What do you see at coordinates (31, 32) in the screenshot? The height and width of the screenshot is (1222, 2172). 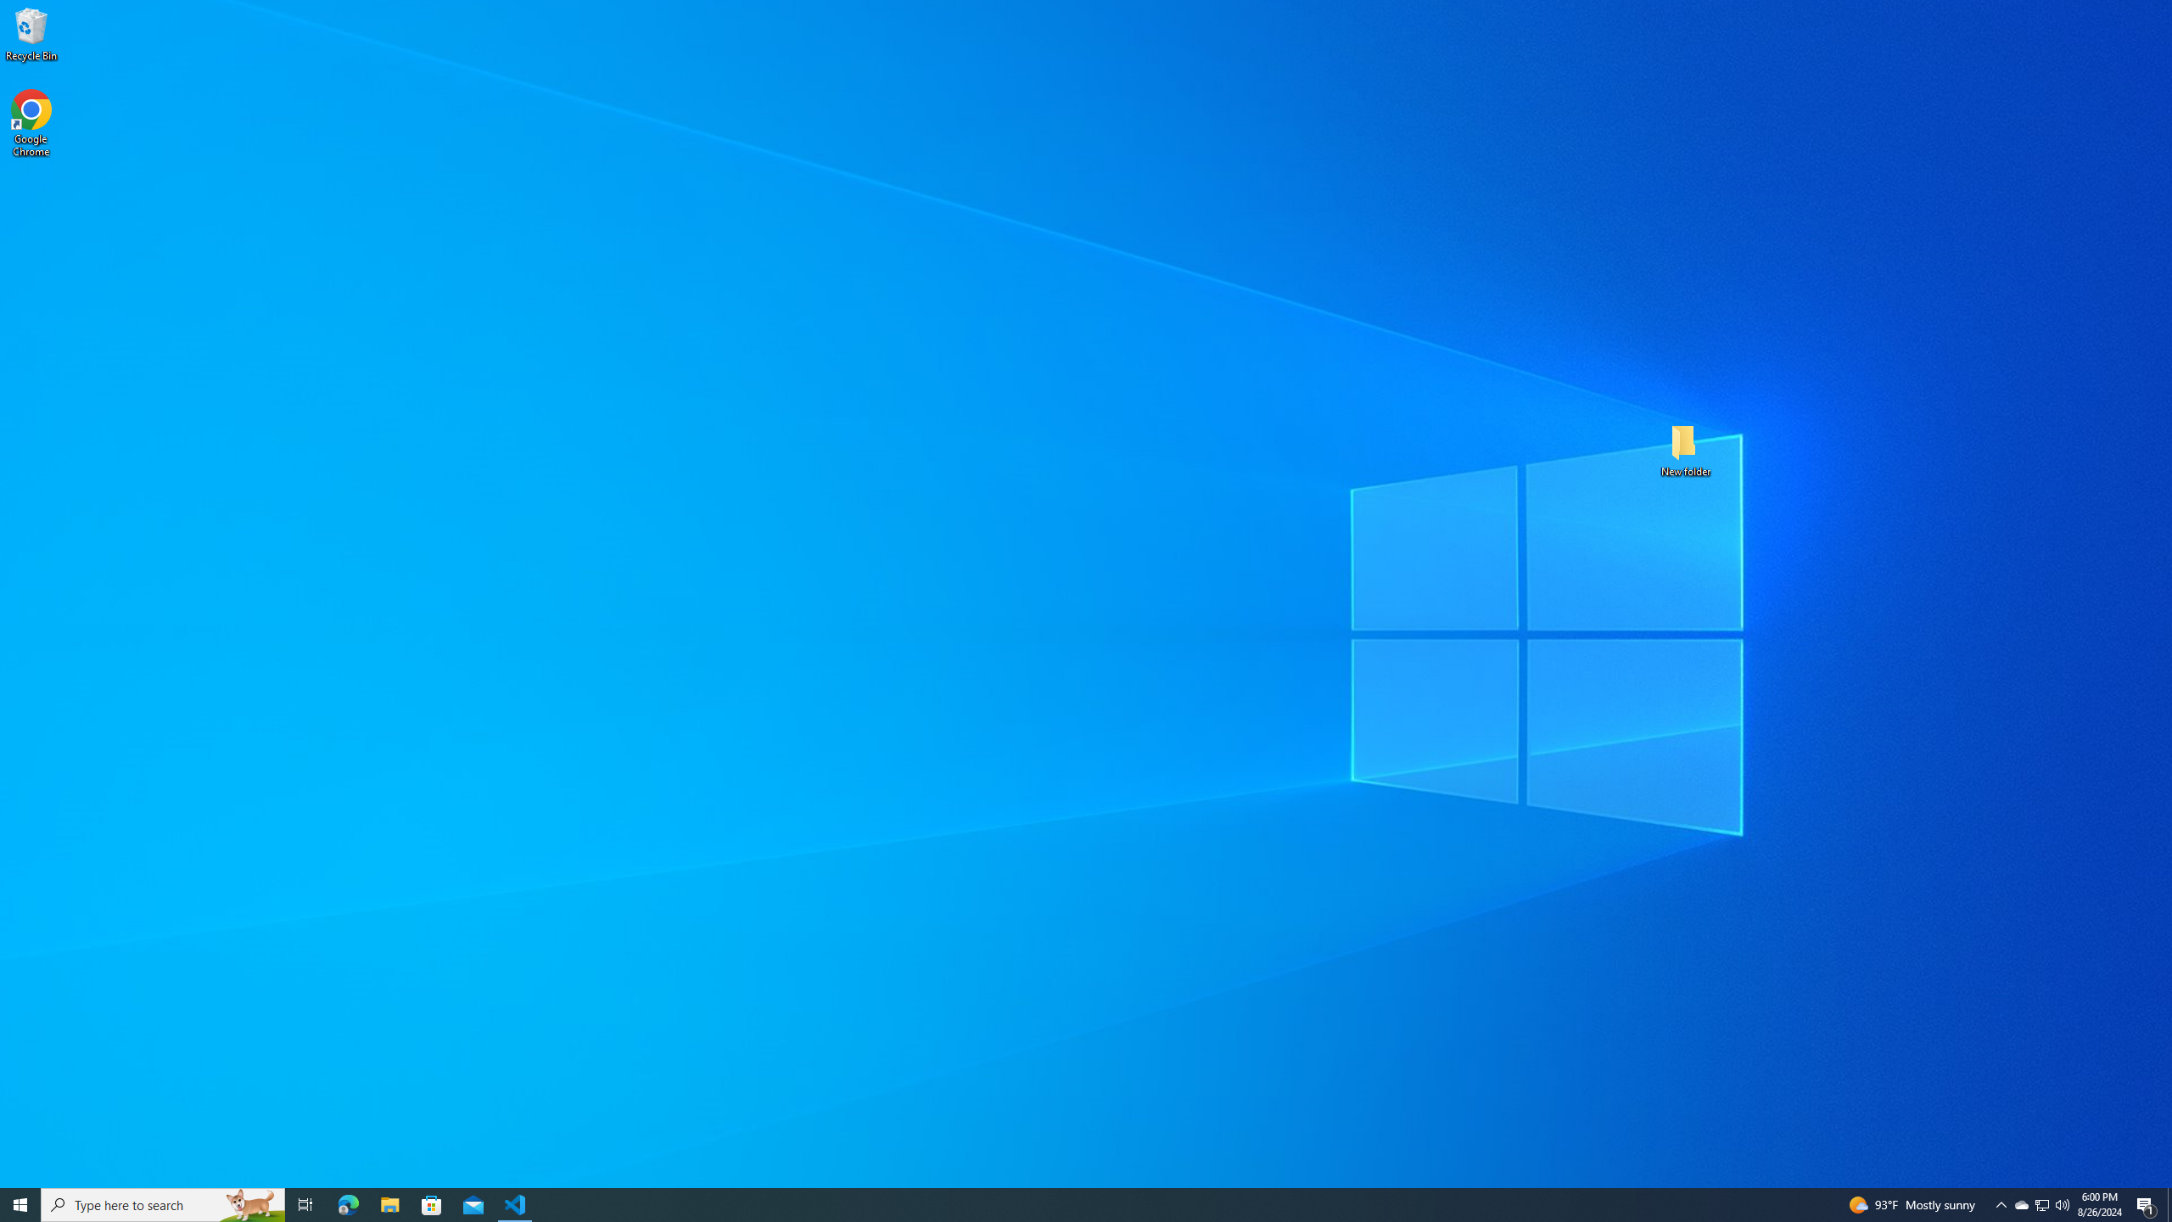 I see `'Recycle Bin'` at bounding box center [31, 32].